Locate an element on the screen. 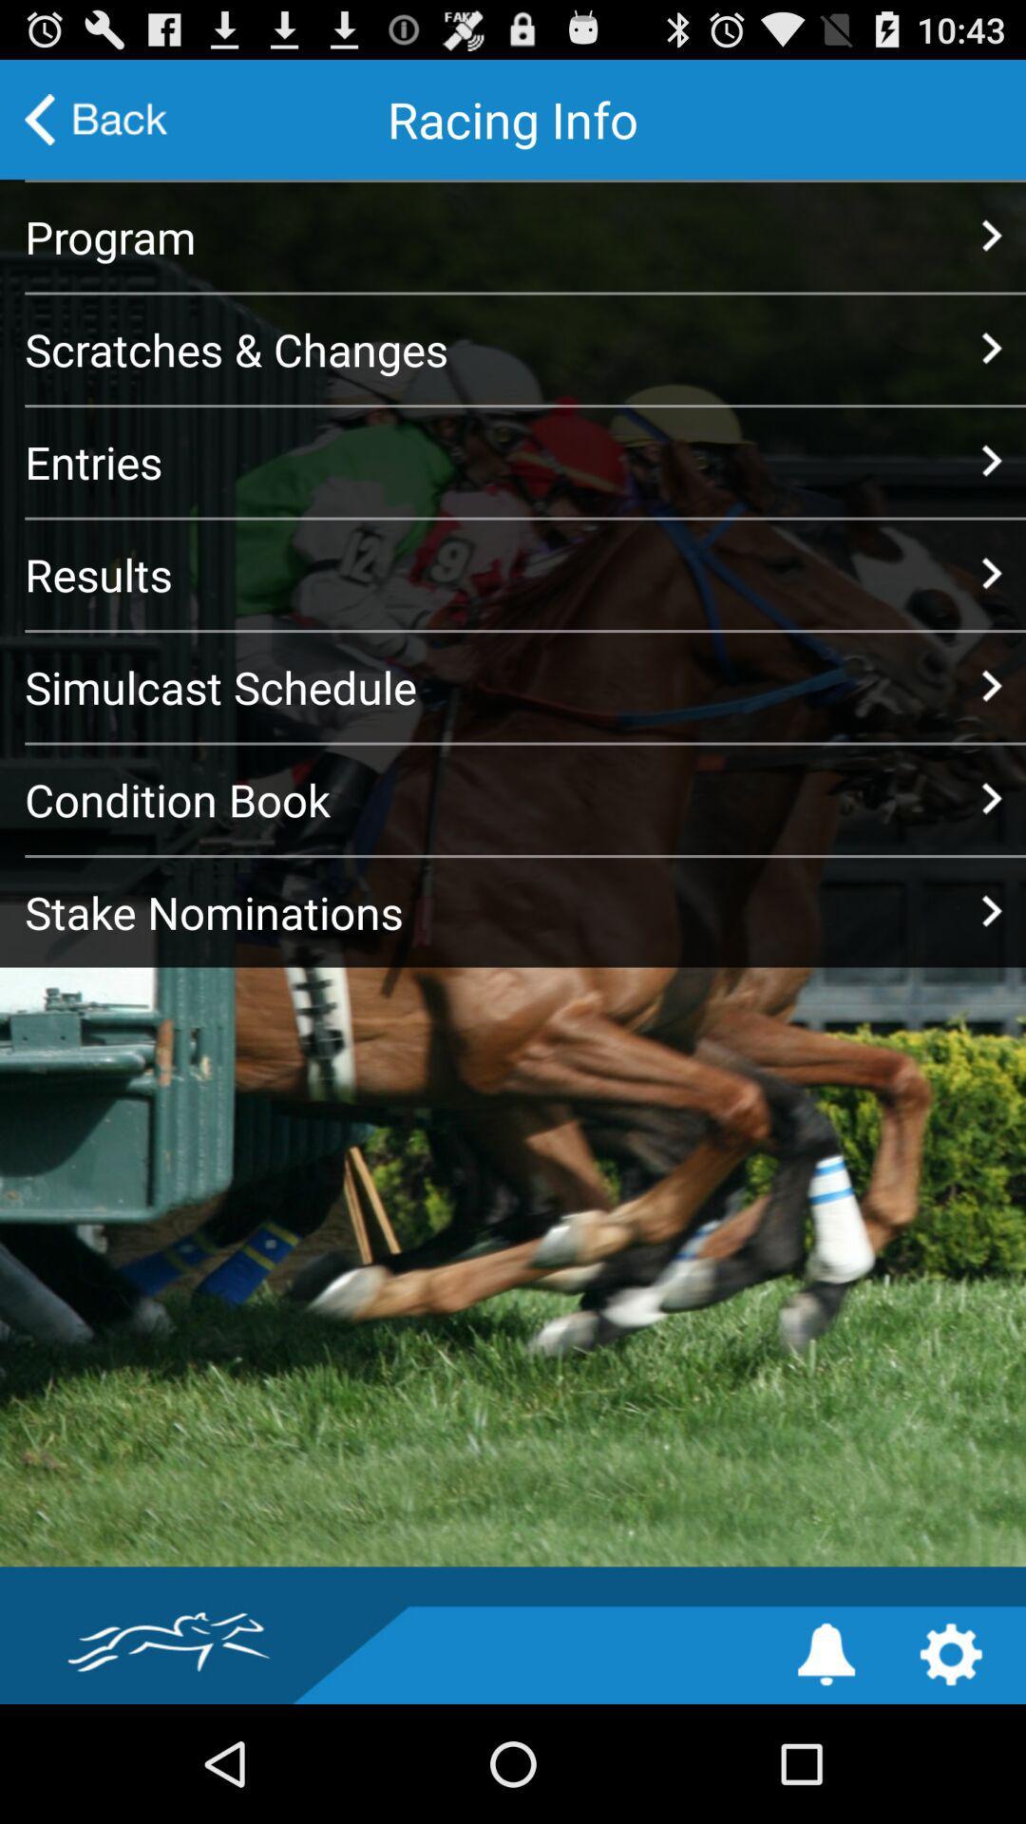  receive notifications is located at coordinates (826, 1653).